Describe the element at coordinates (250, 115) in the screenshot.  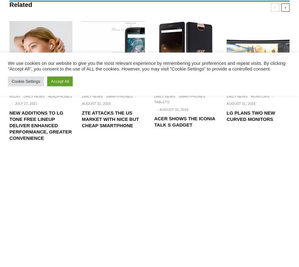
I see `'LG plans two new curved monitors'` at that location.